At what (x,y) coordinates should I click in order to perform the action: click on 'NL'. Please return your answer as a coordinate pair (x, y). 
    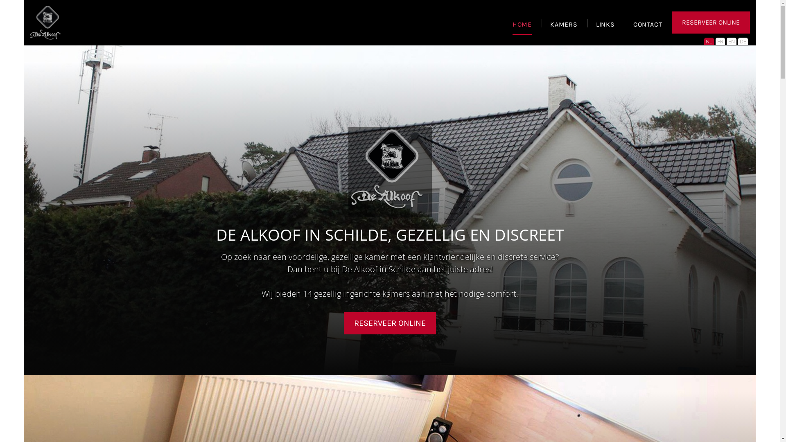
    Looking at the image, I should click on (709, 41).